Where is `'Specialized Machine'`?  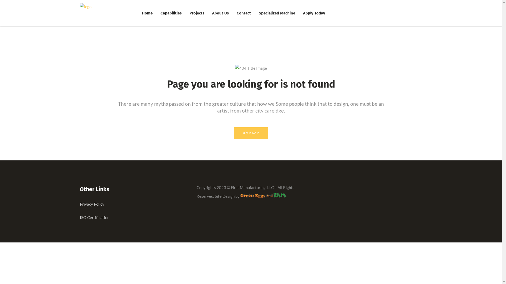 'Specialized Machine' is located at coordinates (276, 13).